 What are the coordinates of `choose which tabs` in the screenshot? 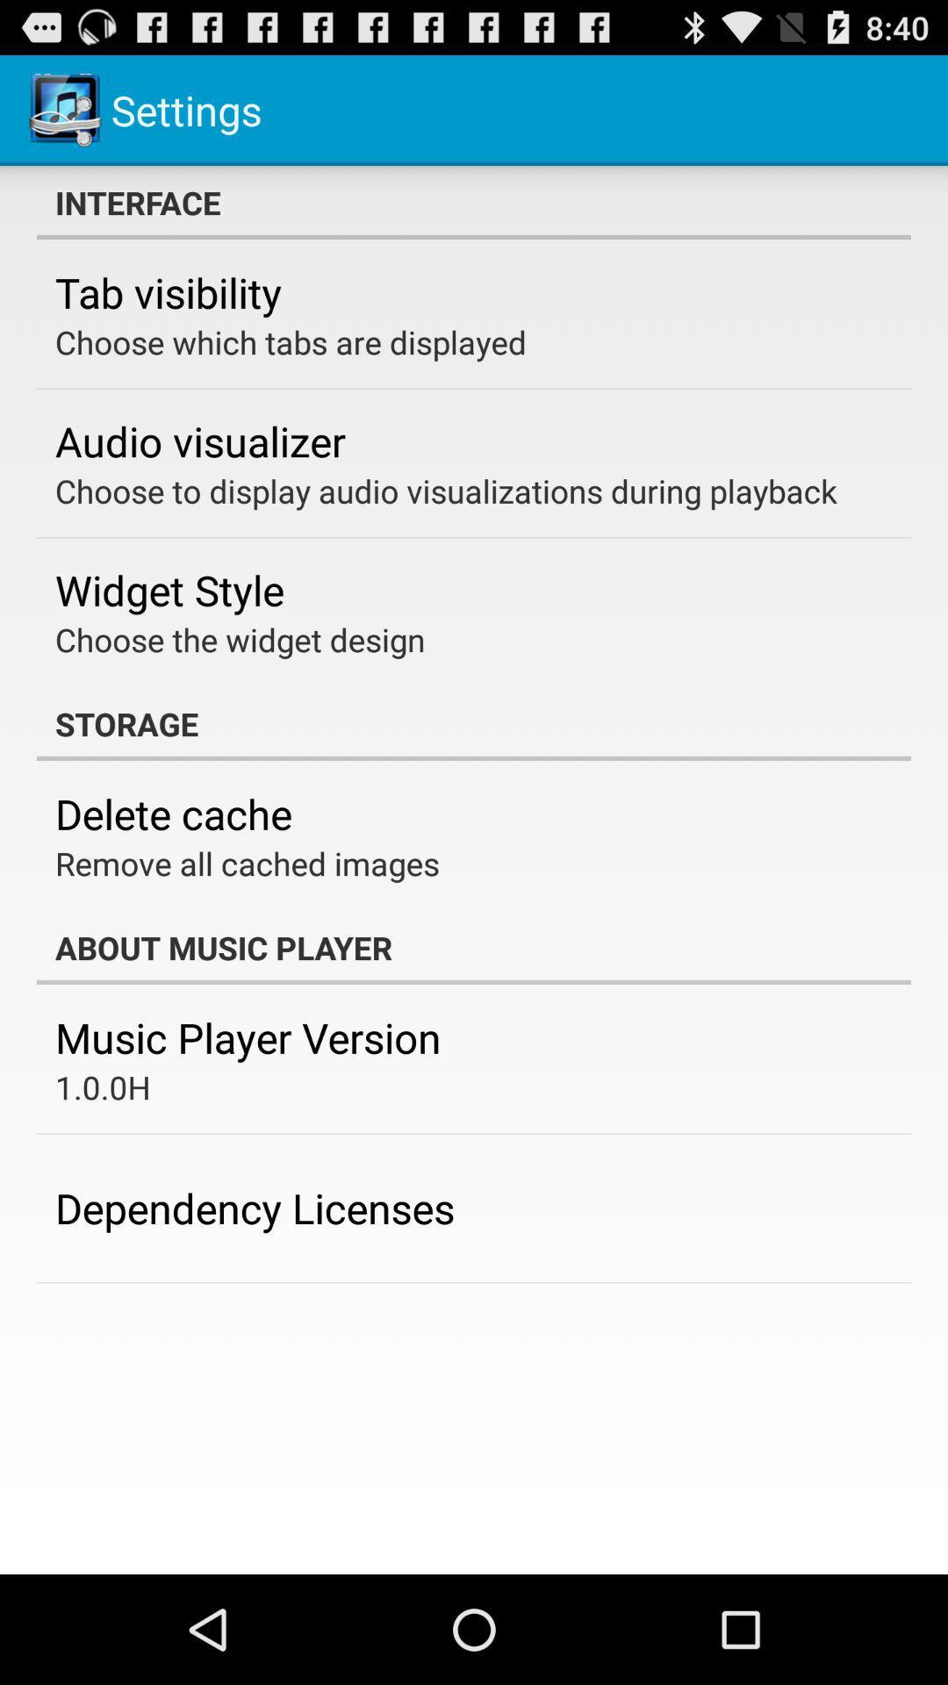 It's located at (290, 341).